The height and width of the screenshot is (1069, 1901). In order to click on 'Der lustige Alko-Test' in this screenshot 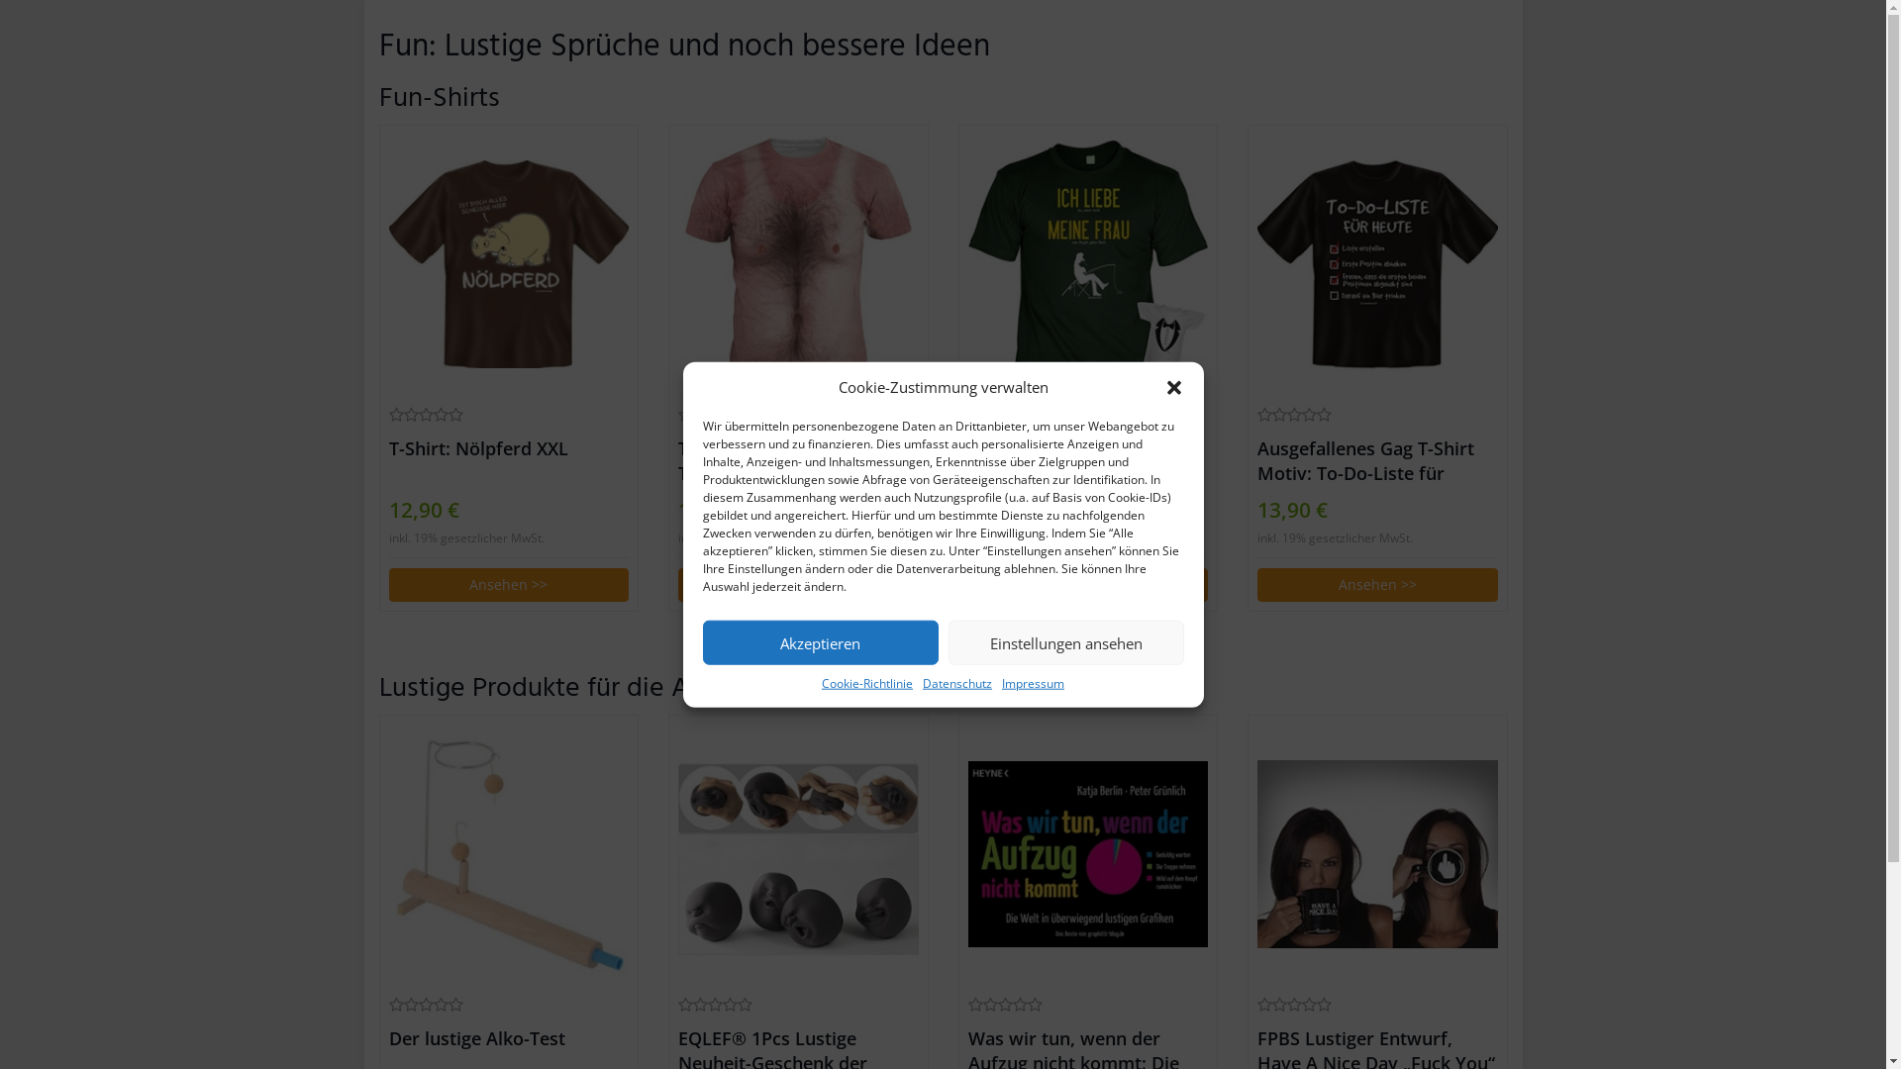, I will do `click(508, 852)`.